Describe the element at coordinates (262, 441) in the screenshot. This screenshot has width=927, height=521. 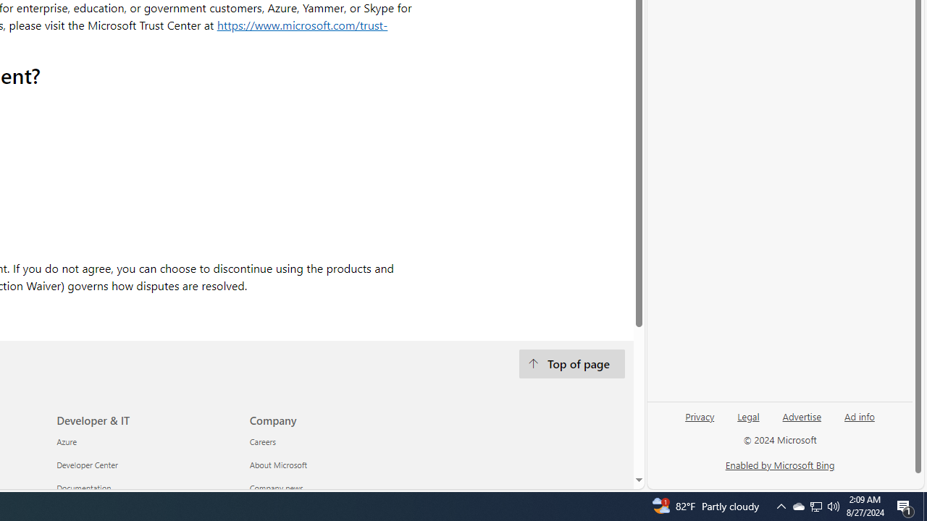
I see `'Careers Company'` at that location.